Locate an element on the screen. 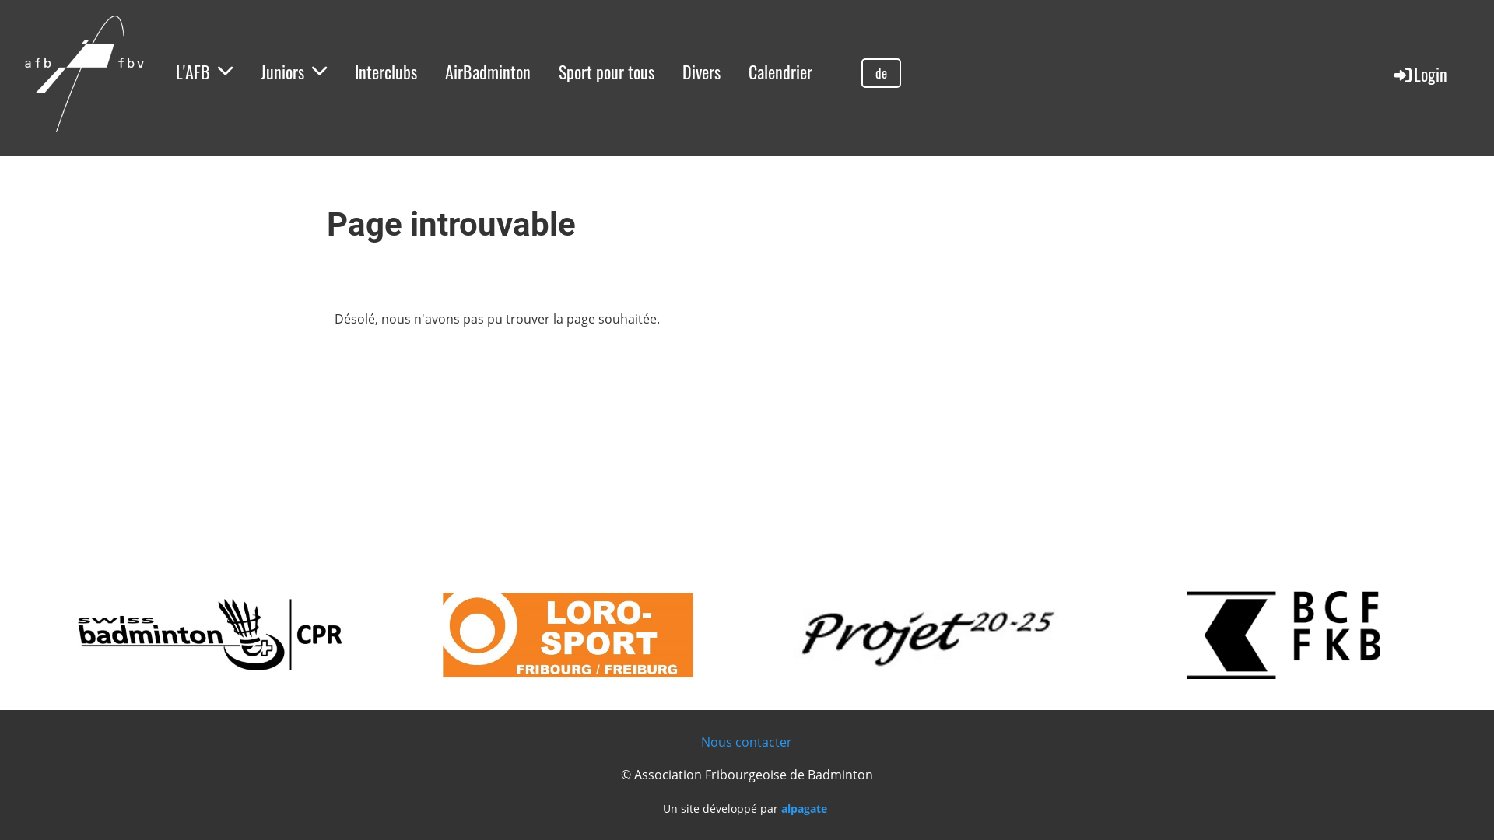  'AirBadminton' is located at coordinates (487, 72).